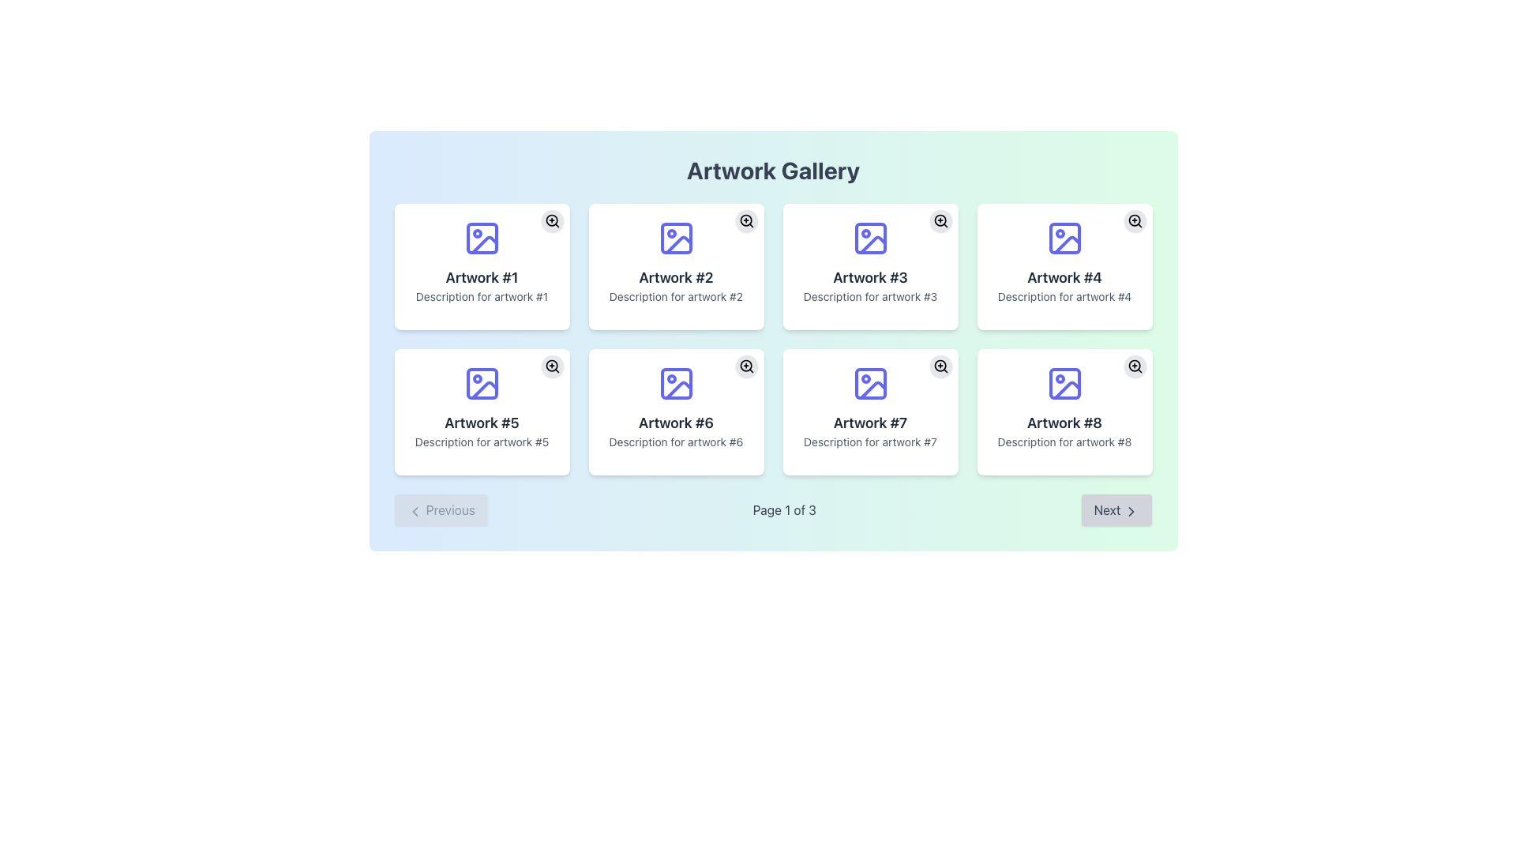 This screenshot has width=1516, height=853. What do you see at coordinates (1064, 411) in the screenshot?
I see `the fourth card in the second row of the grid layout, which contains the heading 'Artwork #8' and an interactive magnifying glass icon` at bounding box center [1064, 411].